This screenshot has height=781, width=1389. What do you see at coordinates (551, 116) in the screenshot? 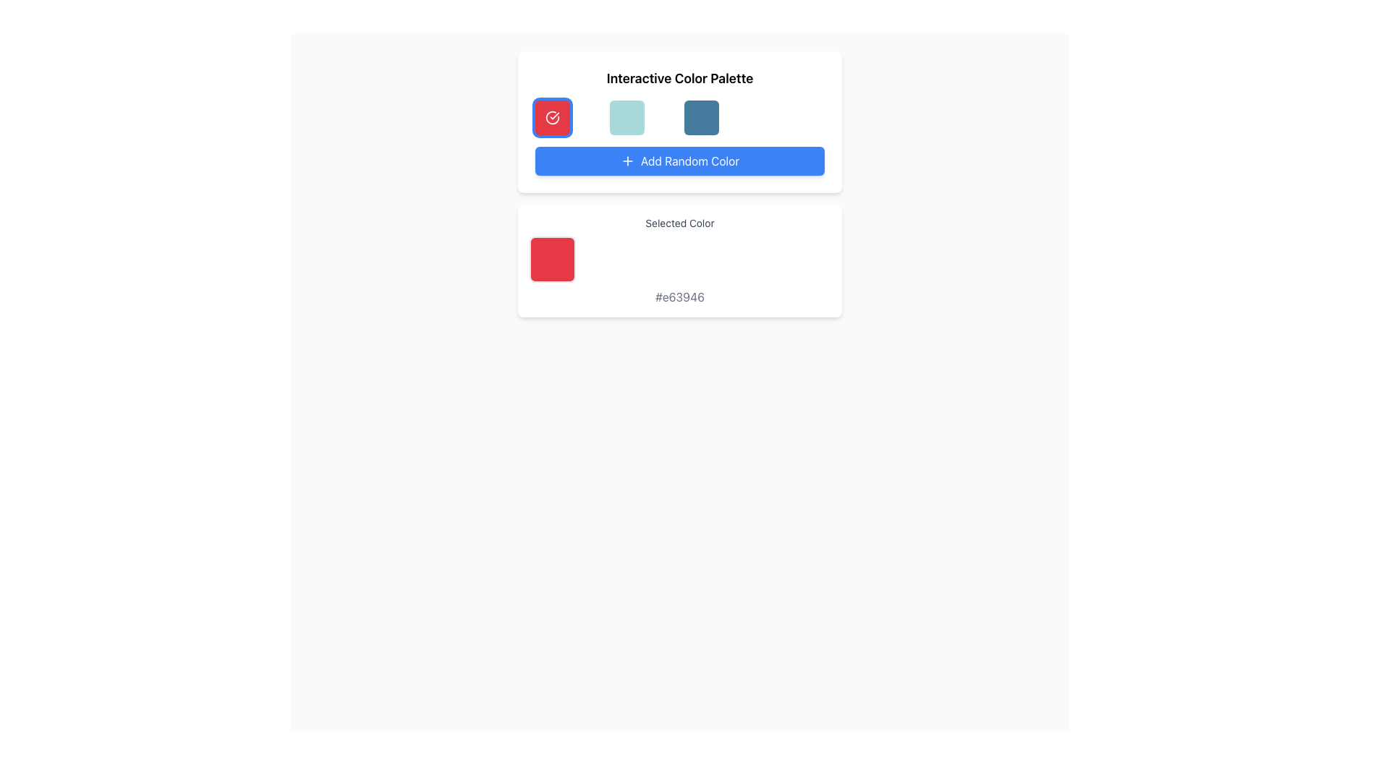
I see `the selectable colored button or tile located in the 'Interactive Color Palette' section, which is the first item in the grid` at bounding box center [551, 116].